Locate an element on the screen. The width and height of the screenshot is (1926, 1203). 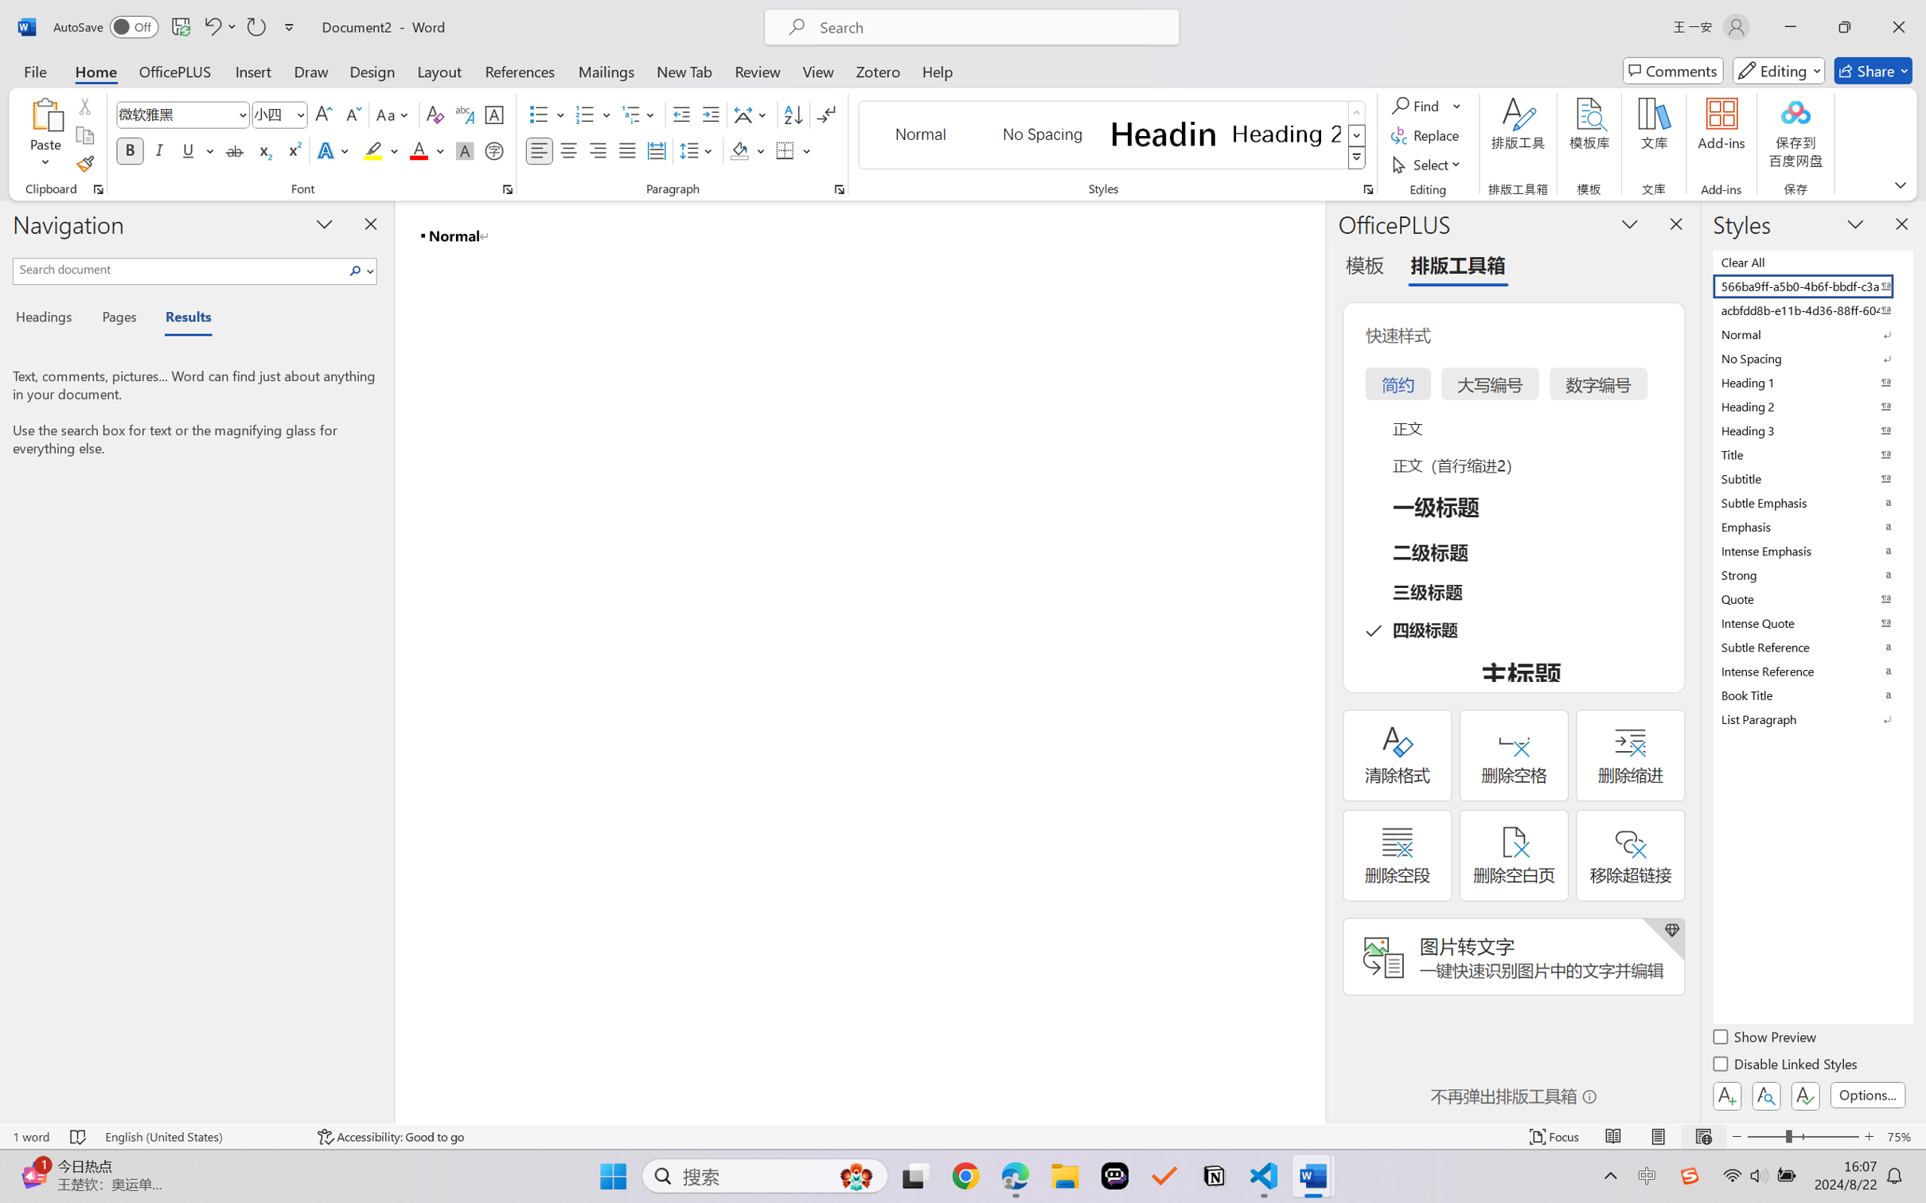
'Home' is located at coordinates (96, 70).